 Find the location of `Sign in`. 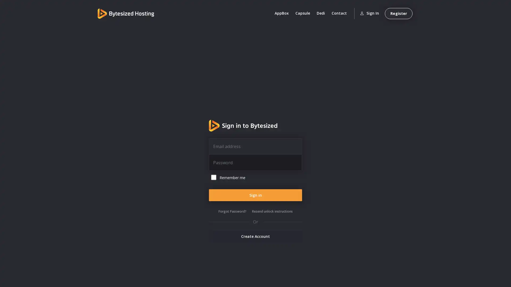

Sign in is located at coordinates (256, 195).